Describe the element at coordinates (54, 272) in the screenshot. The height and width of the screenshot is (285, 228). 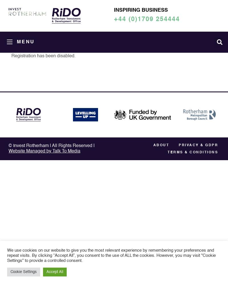
I see `'Accept All'` at that location.